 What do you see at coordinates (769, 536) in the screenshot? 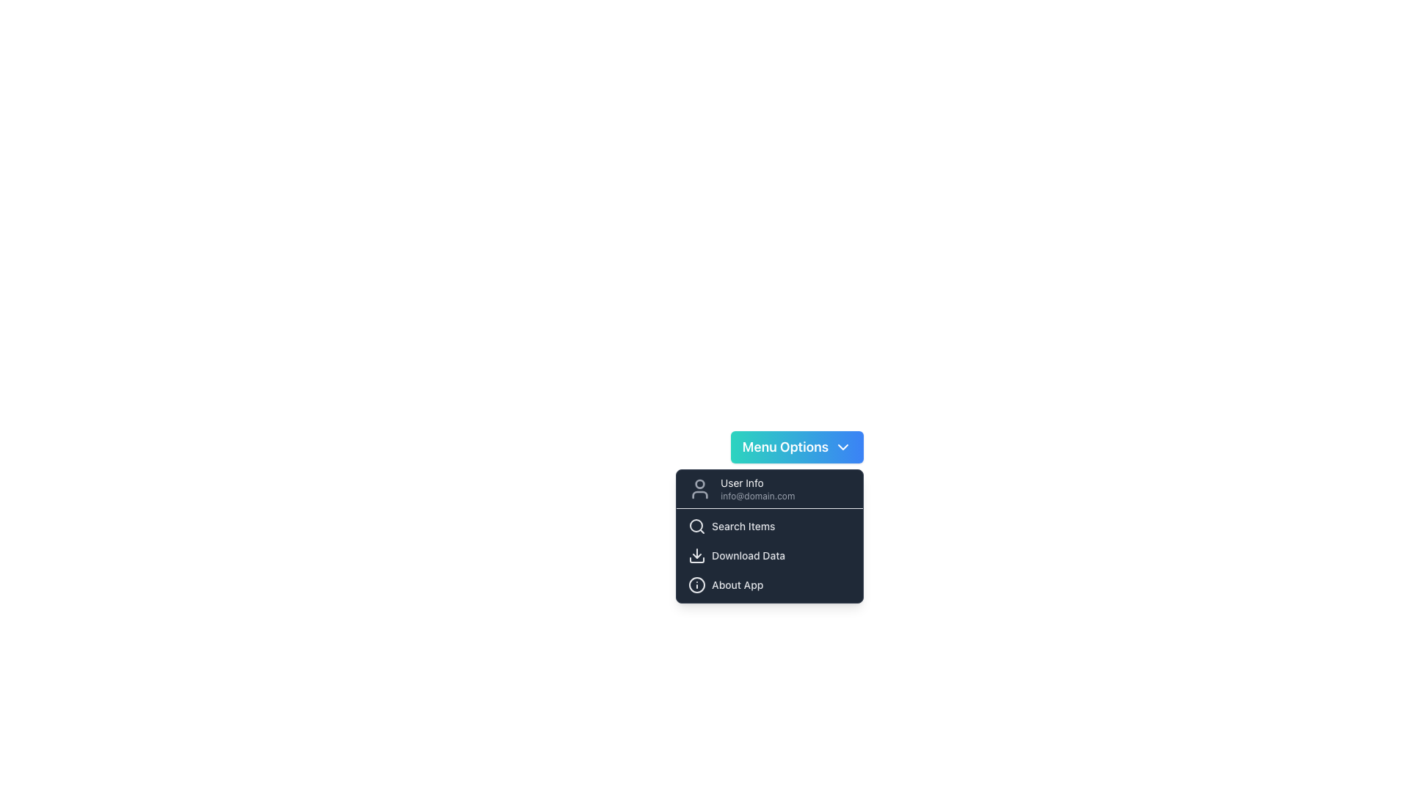
I see `an option in the Dropdown Menu located below the 'Menu Options' button with a downward arrow` at bounding box center [769, 536].